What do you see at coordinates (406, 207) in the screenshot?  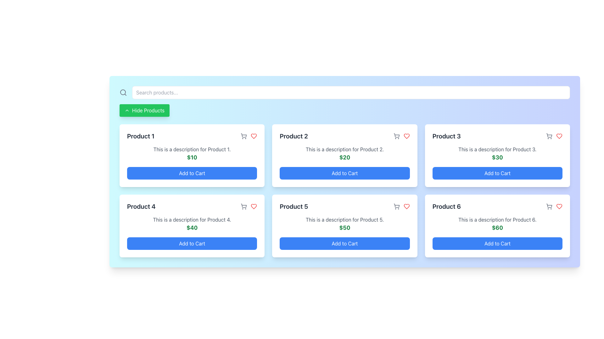 I see `the heart icon in the 'Product 2' card to mark the product as a favorite` at bounding box center [406, 207].